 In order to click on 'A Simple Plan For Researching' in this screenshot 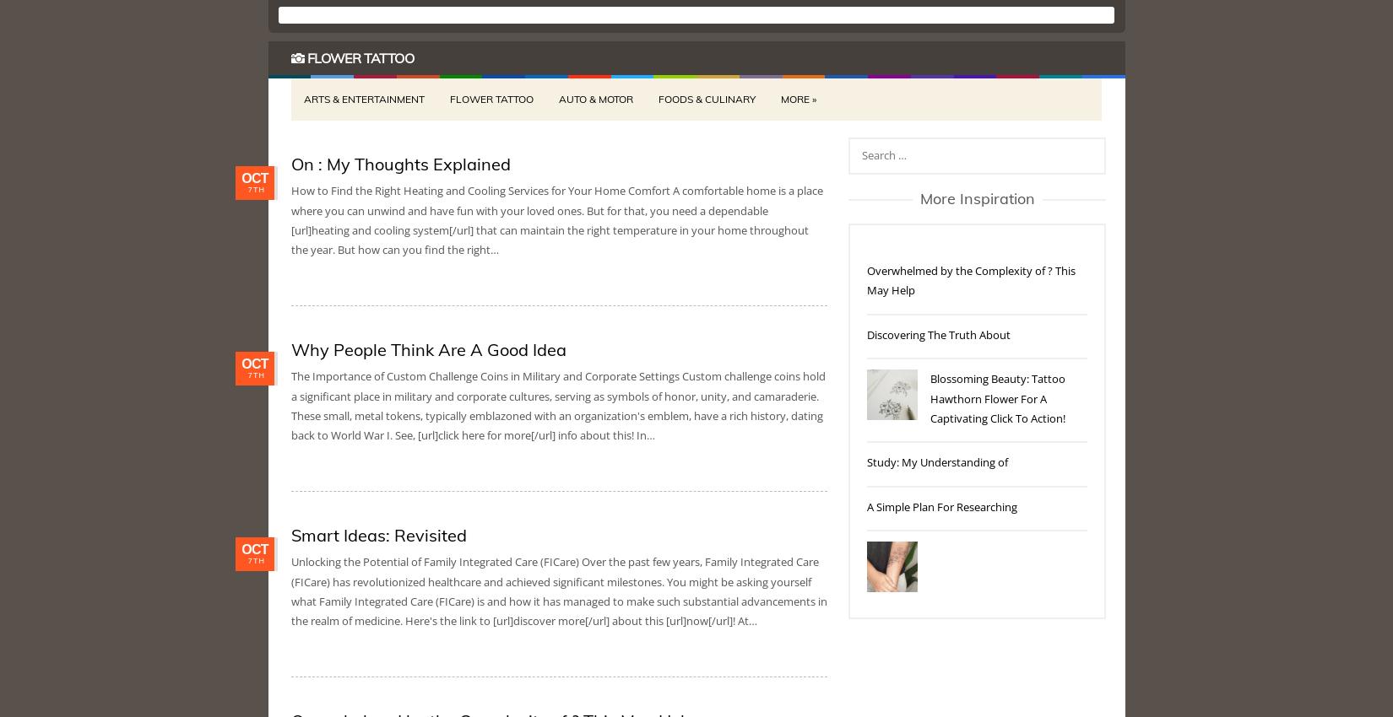, I will do `click(942, 505)`.